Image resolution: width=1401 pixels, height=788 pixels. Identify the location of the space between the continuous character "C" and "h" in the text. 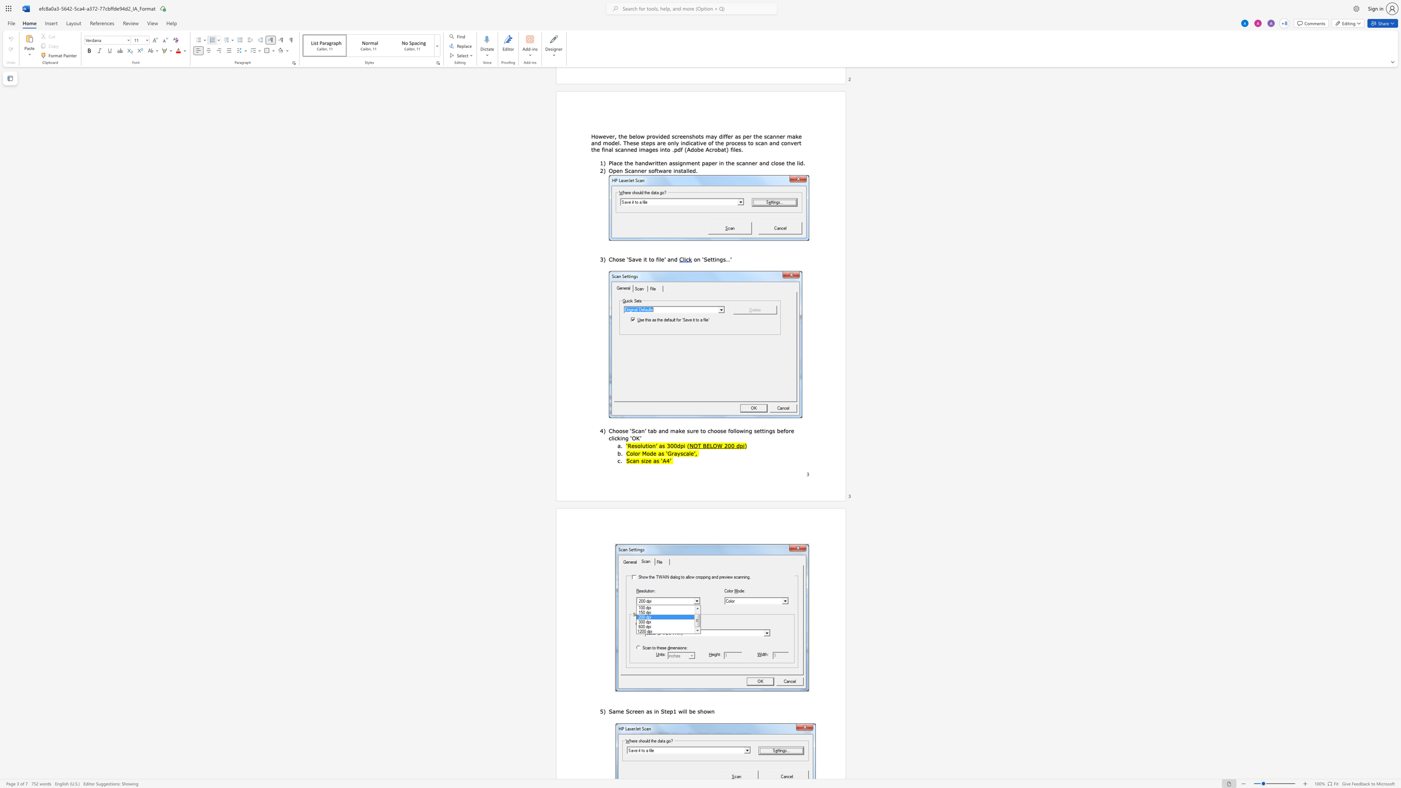
(612, 430).